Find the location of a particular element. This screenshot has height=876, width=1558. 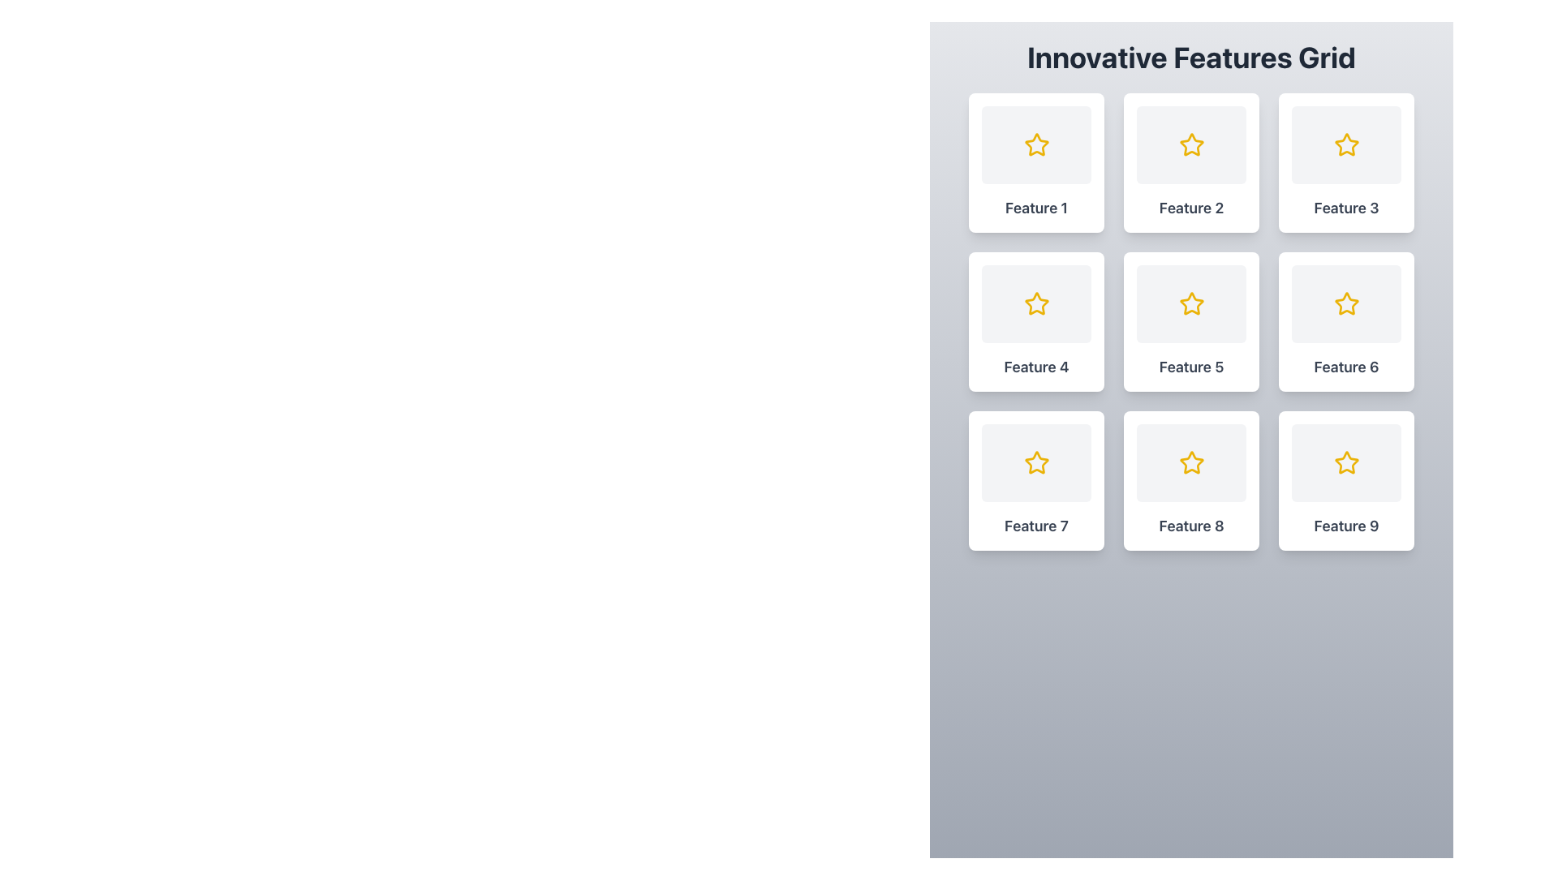

the decorative or functional icon located in the second row, third column of the 3x3 grid layout, which is labeled 'Feature 8' is located at coordinates (1191, 462).